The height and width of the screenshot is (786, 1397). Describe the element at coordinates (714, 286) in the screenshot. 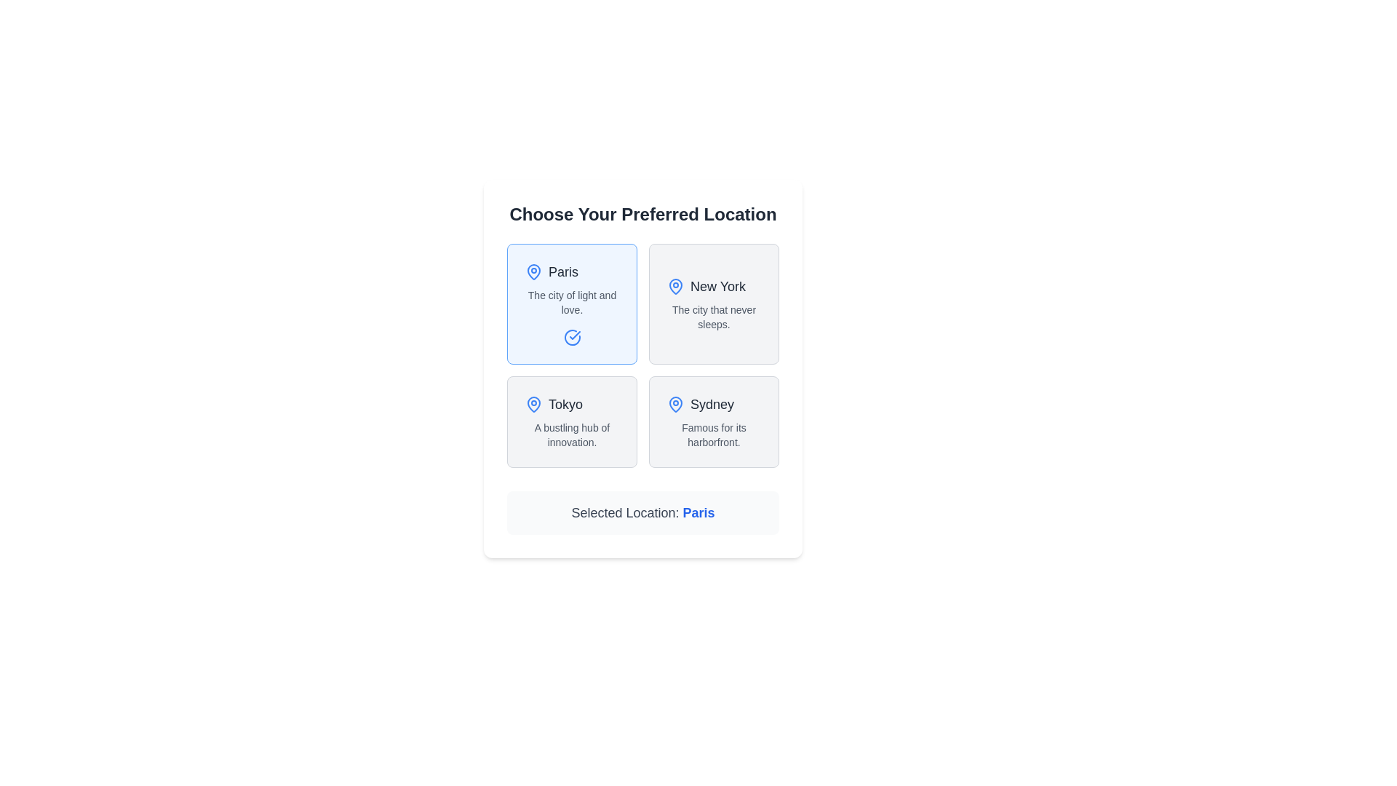

I see `the icon of the label representing New York` at that location.